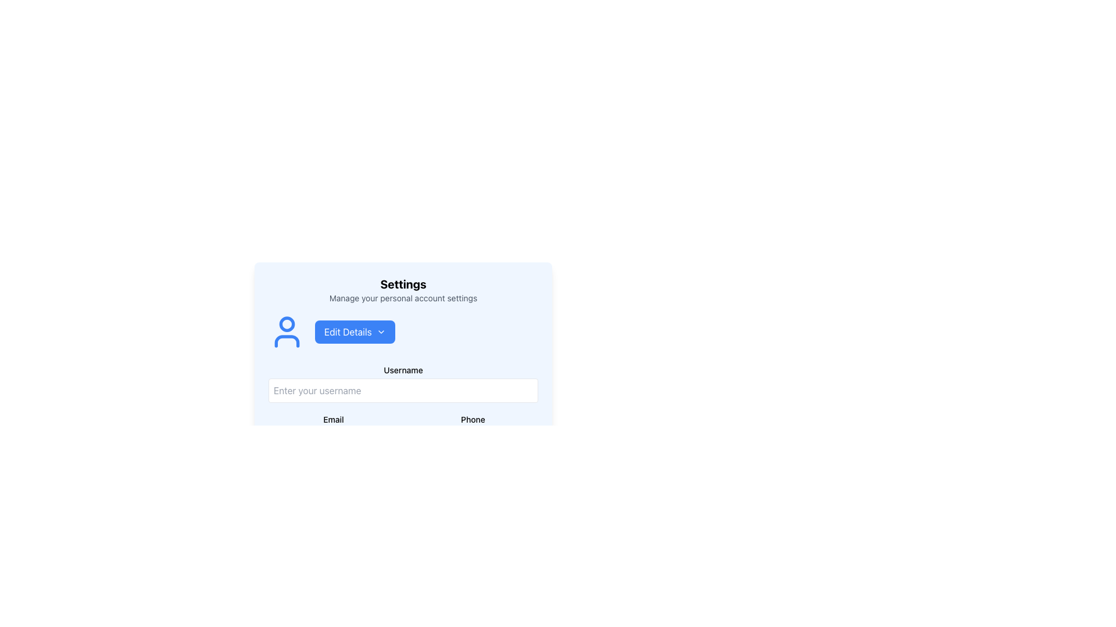 This screenshot has width=1116, height=627. I want to click on the 'Phone' text label which is styled with a small, medium-weight font and positioned above the input field for entering a phone number in the settings section, so click(473, 419).